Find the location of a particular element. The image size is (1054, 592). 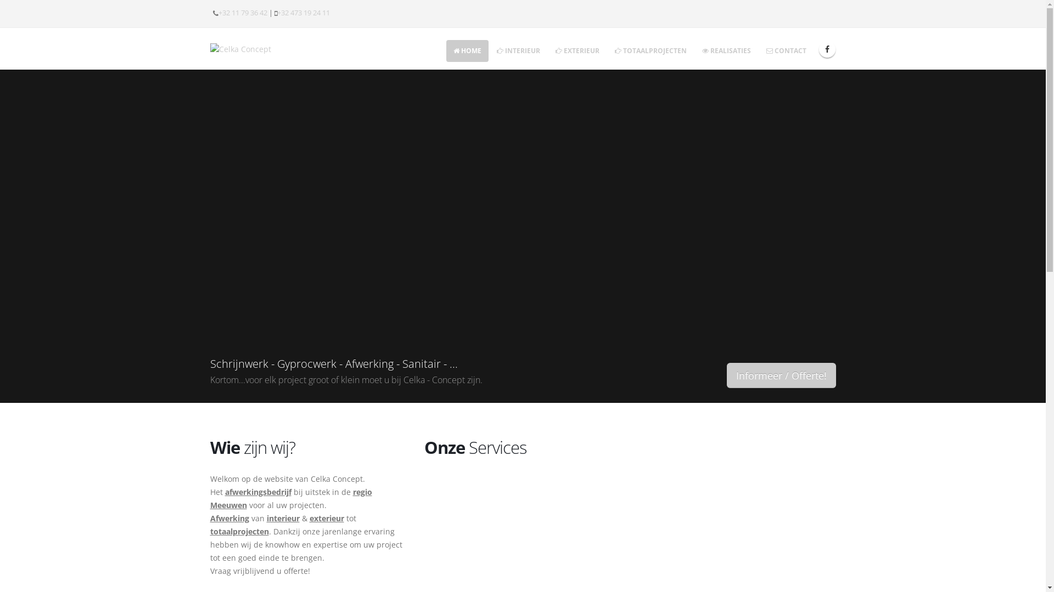

'REALISATIES' is located at coordinates (726, 50).